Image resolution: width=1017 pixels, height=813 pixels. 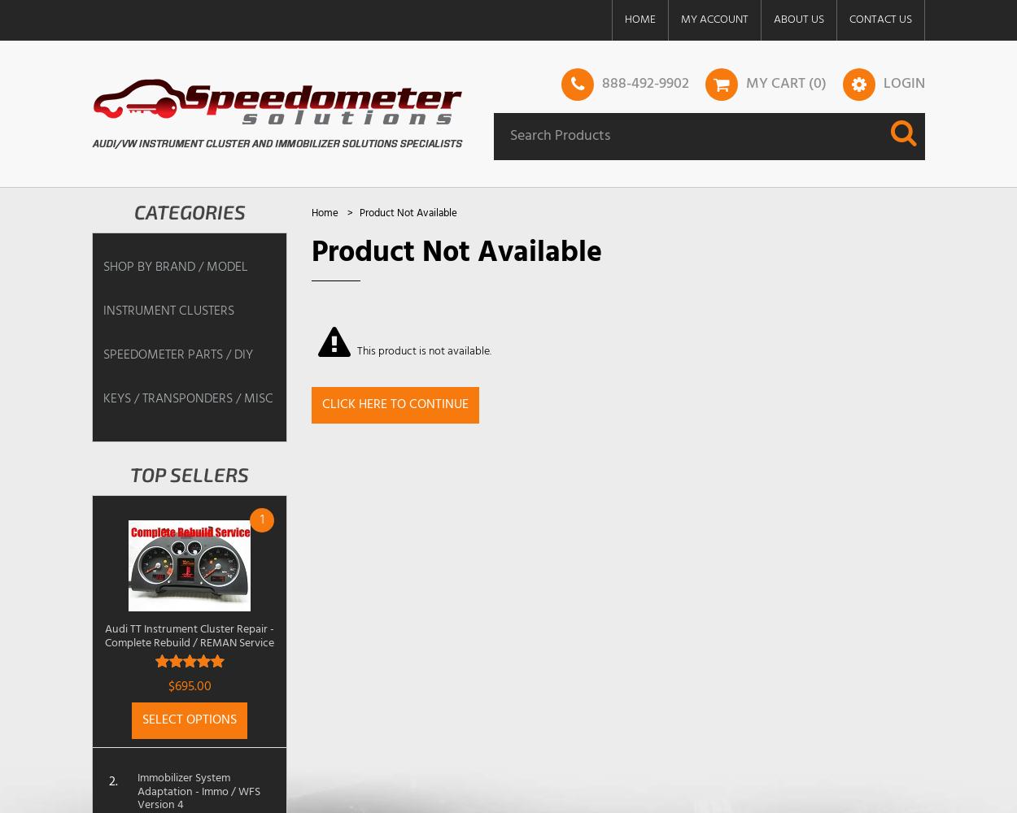 I want to click on 'Login', so click(x=903, y=82).